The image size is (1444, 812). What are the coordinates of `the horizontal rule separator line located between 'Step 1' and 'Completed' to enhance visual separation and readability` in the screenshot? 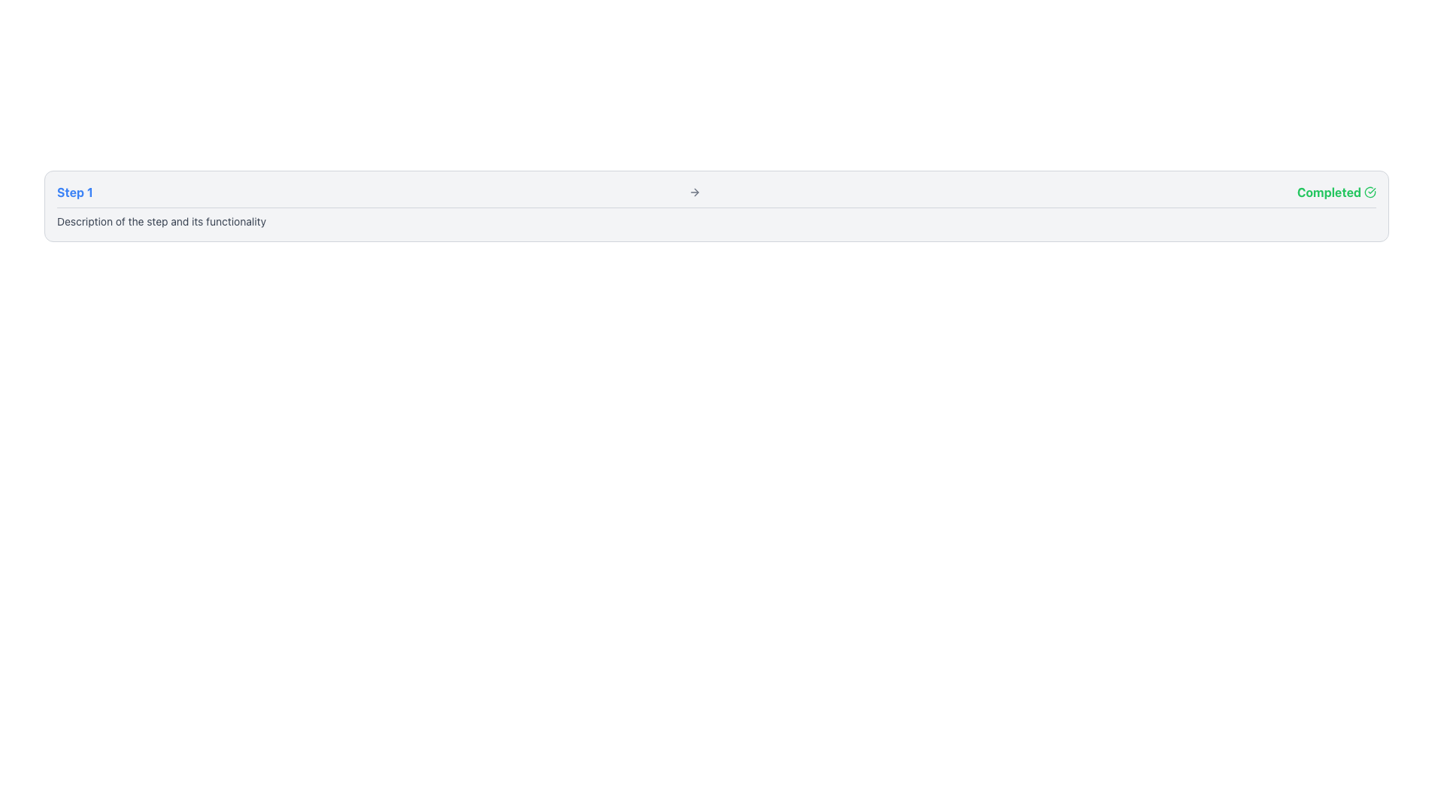 It's located at (716, 208).